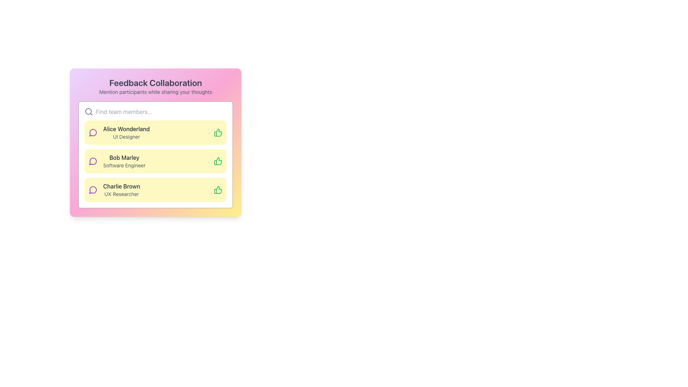 This screenshot has width=688, height=387. Describe the element at coordinates (218, 133) in the screenshot. I see `the Thumbs-up icon located in the feedback list row for 'Bob Marley, Software Engineer'` at that location.